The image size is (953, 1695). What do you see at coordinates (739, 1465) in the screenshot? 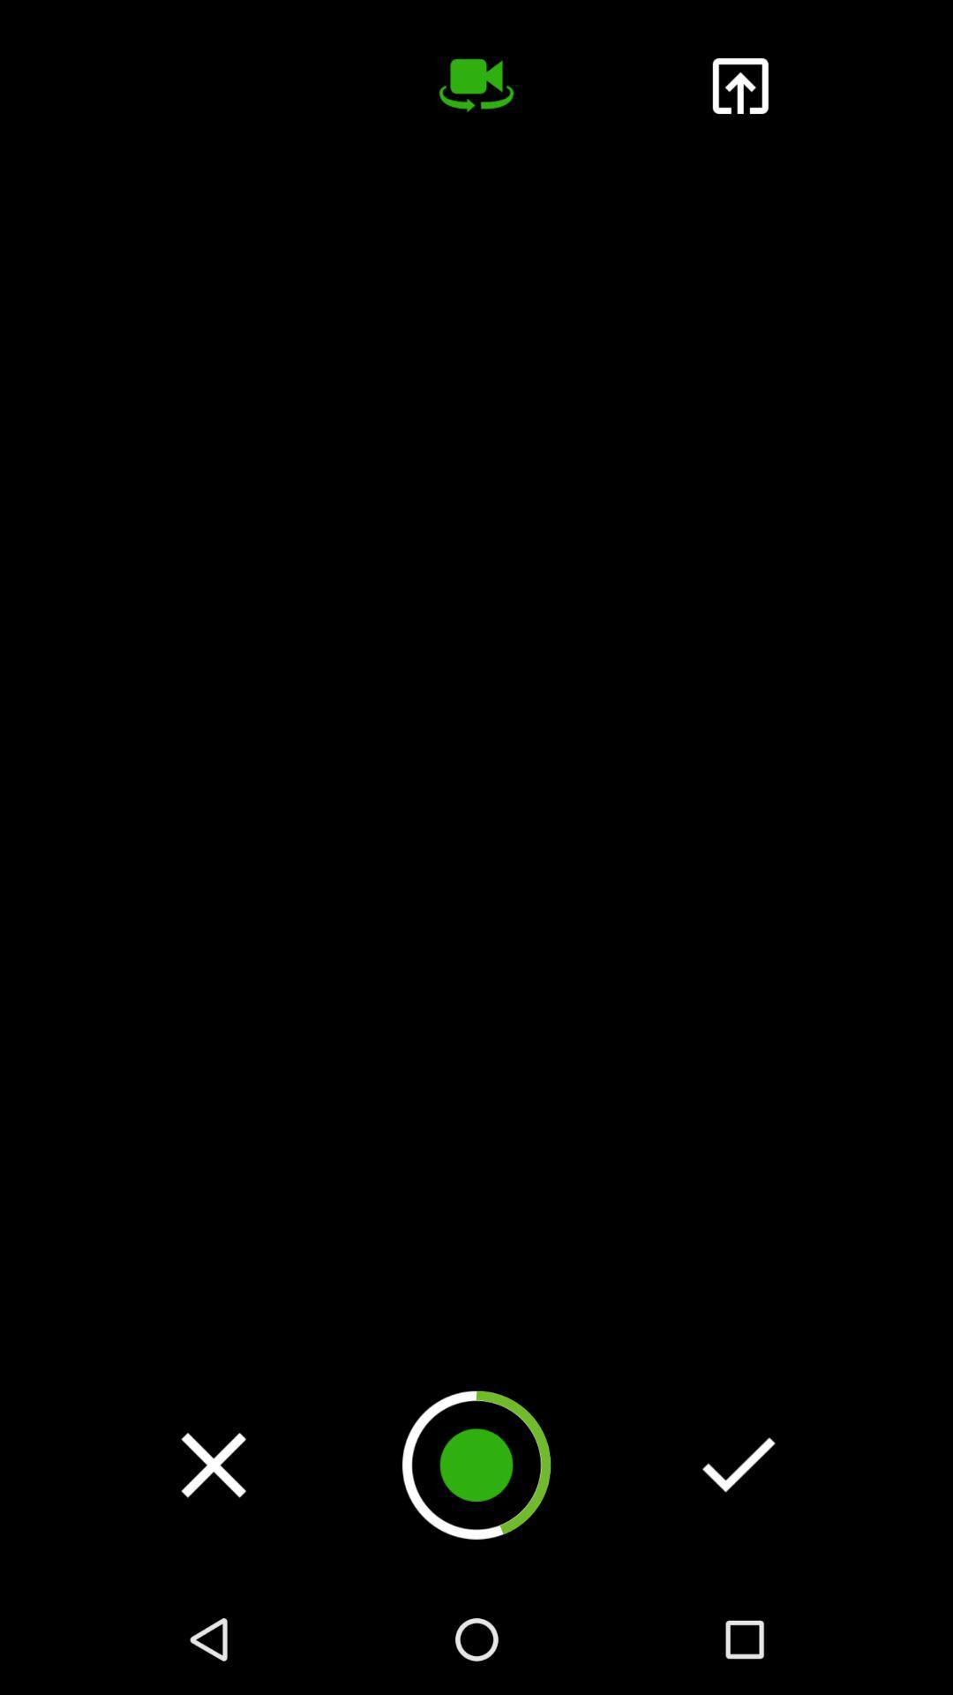
I see `advance check` at bounding box center [739, 1465].